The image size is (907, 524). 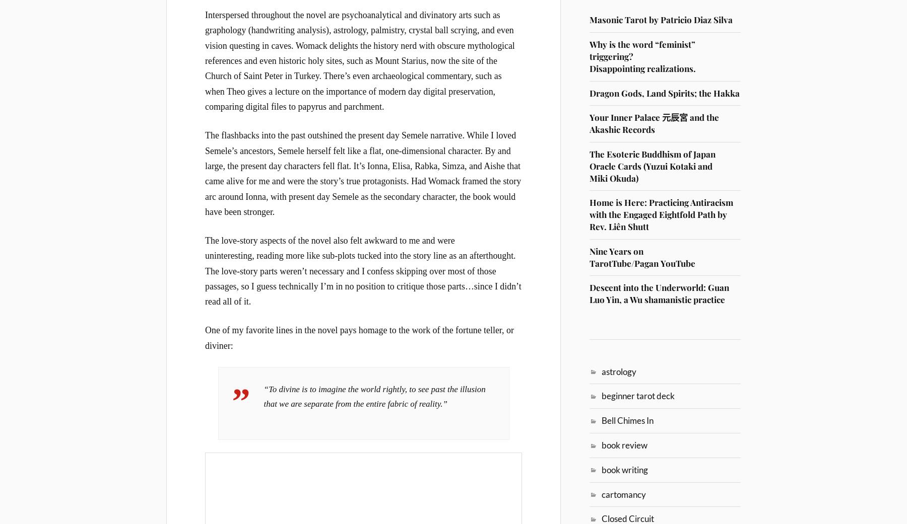 What do you see at coordinates (652, 166) in the screenshot?
I see `'The Esoteric Buddhism of Japan Oracle Cards (Yuzui Kotaki and Miki Okuda)'` at bounding box center [652, 166].